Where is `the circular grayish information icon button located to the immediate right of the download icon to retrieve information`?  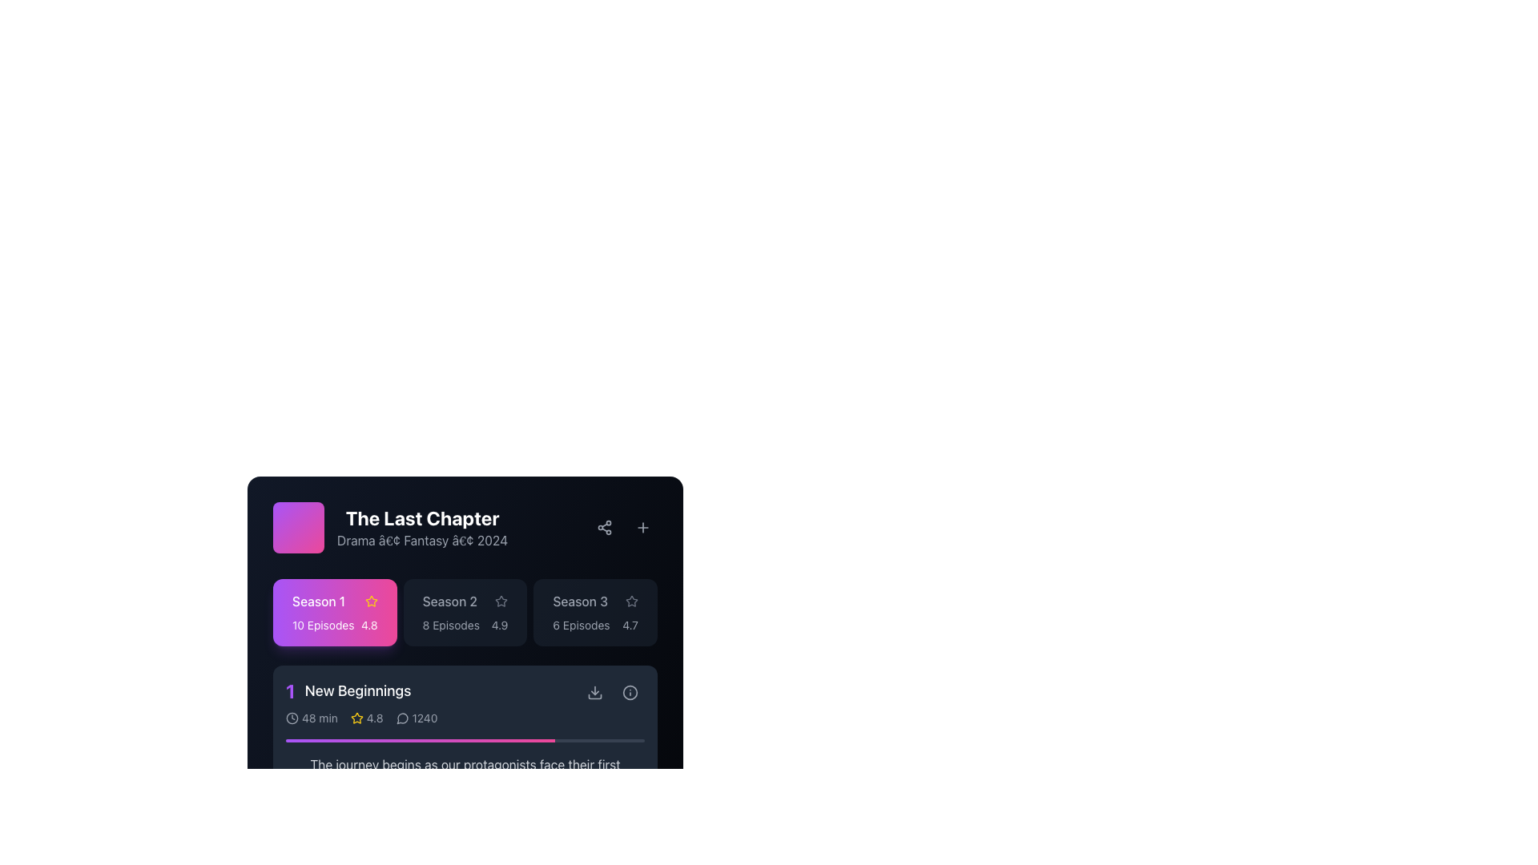 the circular grayish information icon button located to the immediate right of the download icon to retrieve information is located at coordinates (630, 691).